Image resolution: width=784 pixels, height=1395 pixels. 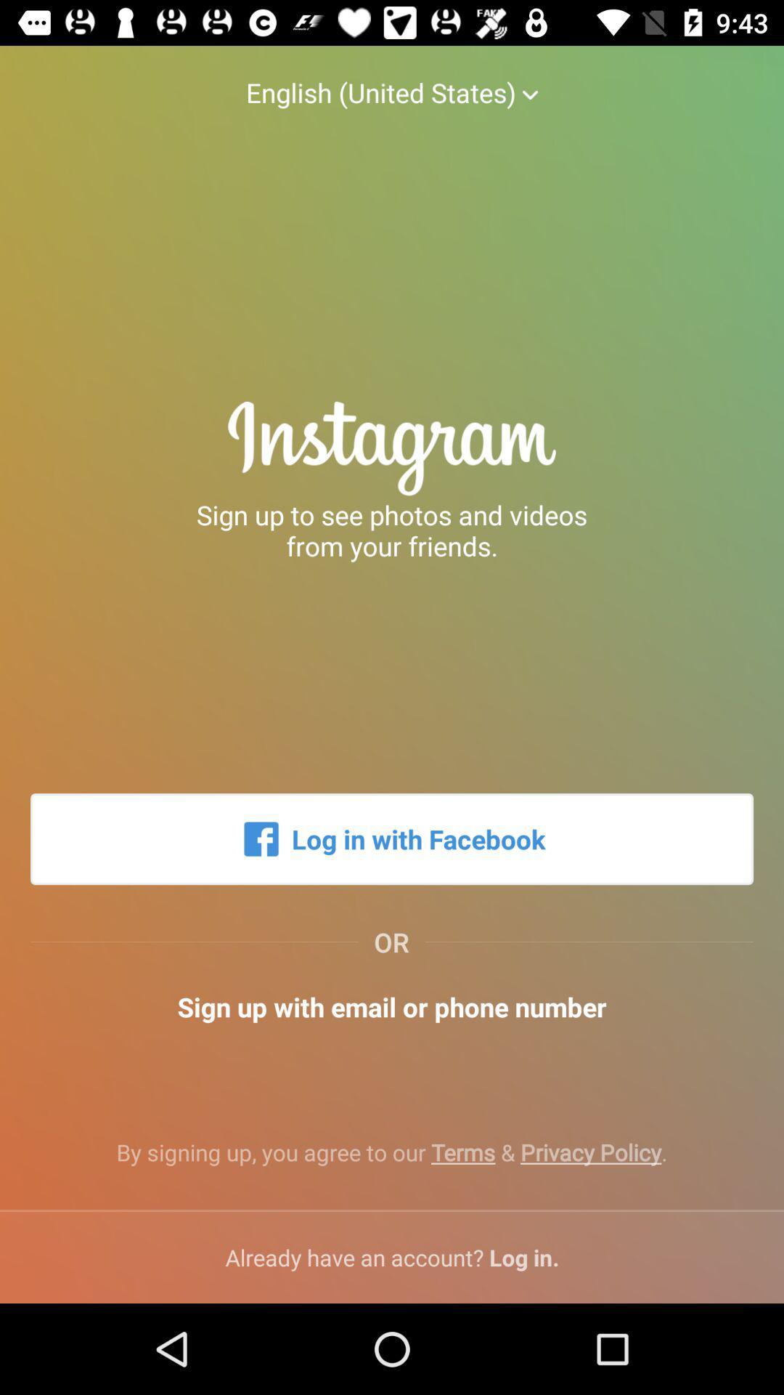 What do you see at coordinates (392, 1257) in the screenshot?
I see `already have an icon` at bounding box center [392, 1257].